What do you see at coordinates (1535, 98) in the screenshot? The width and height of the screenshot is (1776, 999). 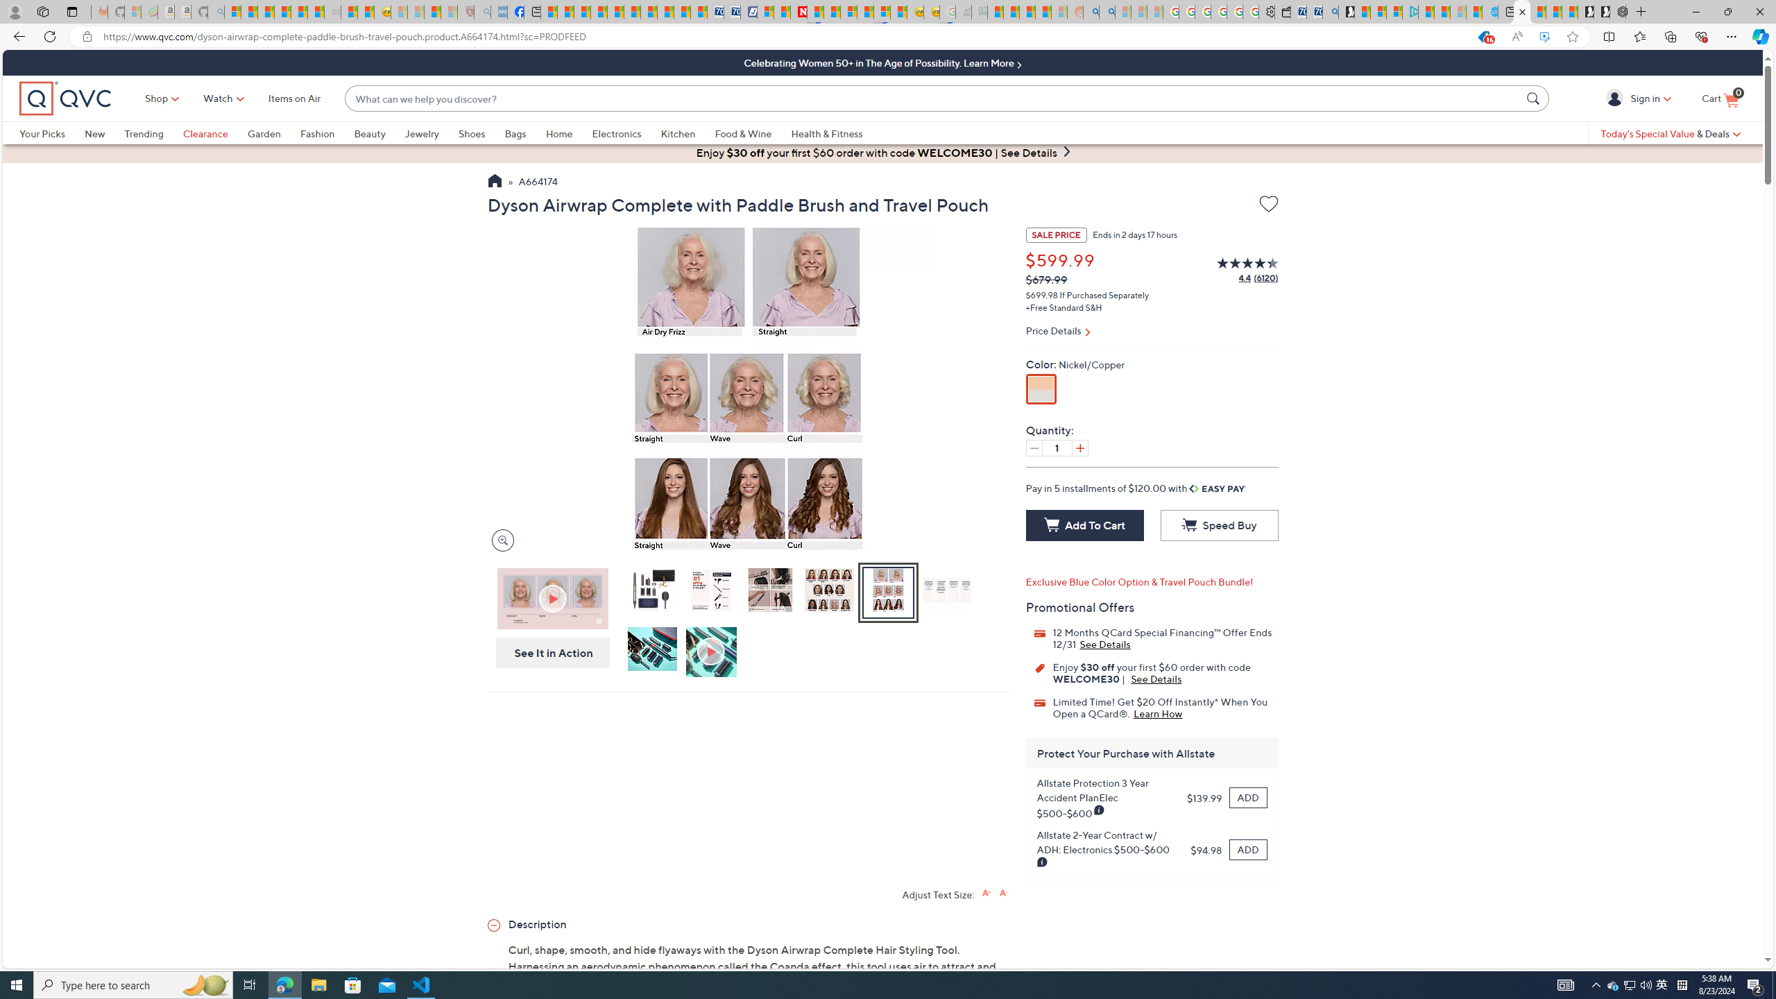 I see `'Search Submit'` at bounding box center [1535, 98].